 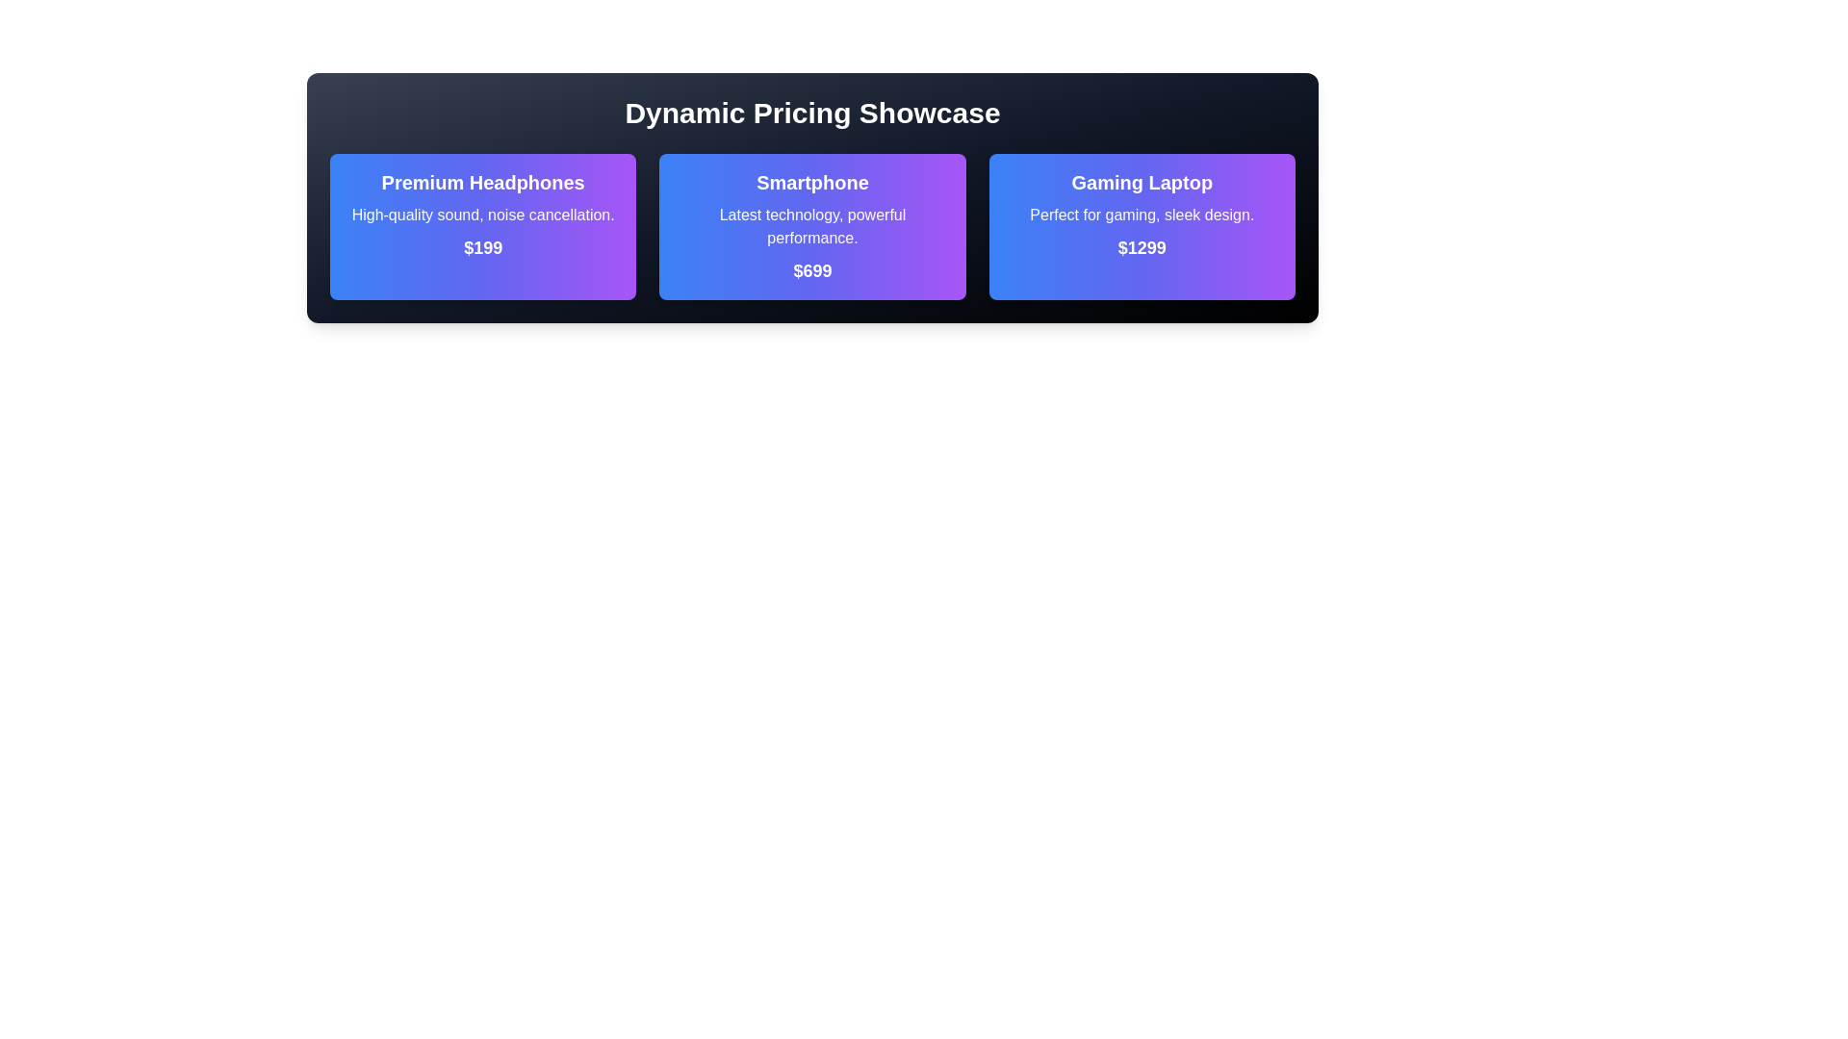 I want to click on the 'Premium Headphones' informational card, which is the first card in a row of three product advertisements, so click(x=483, y=225).